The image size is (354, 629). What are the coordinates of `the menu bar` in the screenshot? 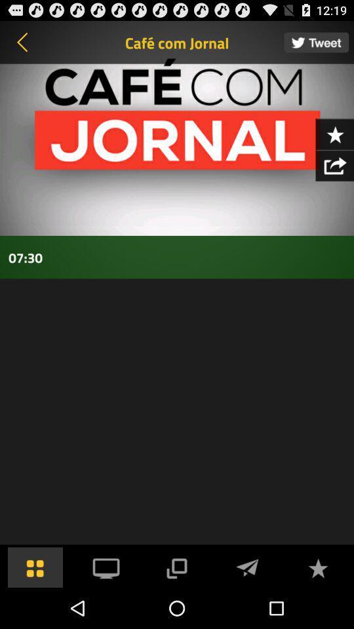 It's located at (35, 566).